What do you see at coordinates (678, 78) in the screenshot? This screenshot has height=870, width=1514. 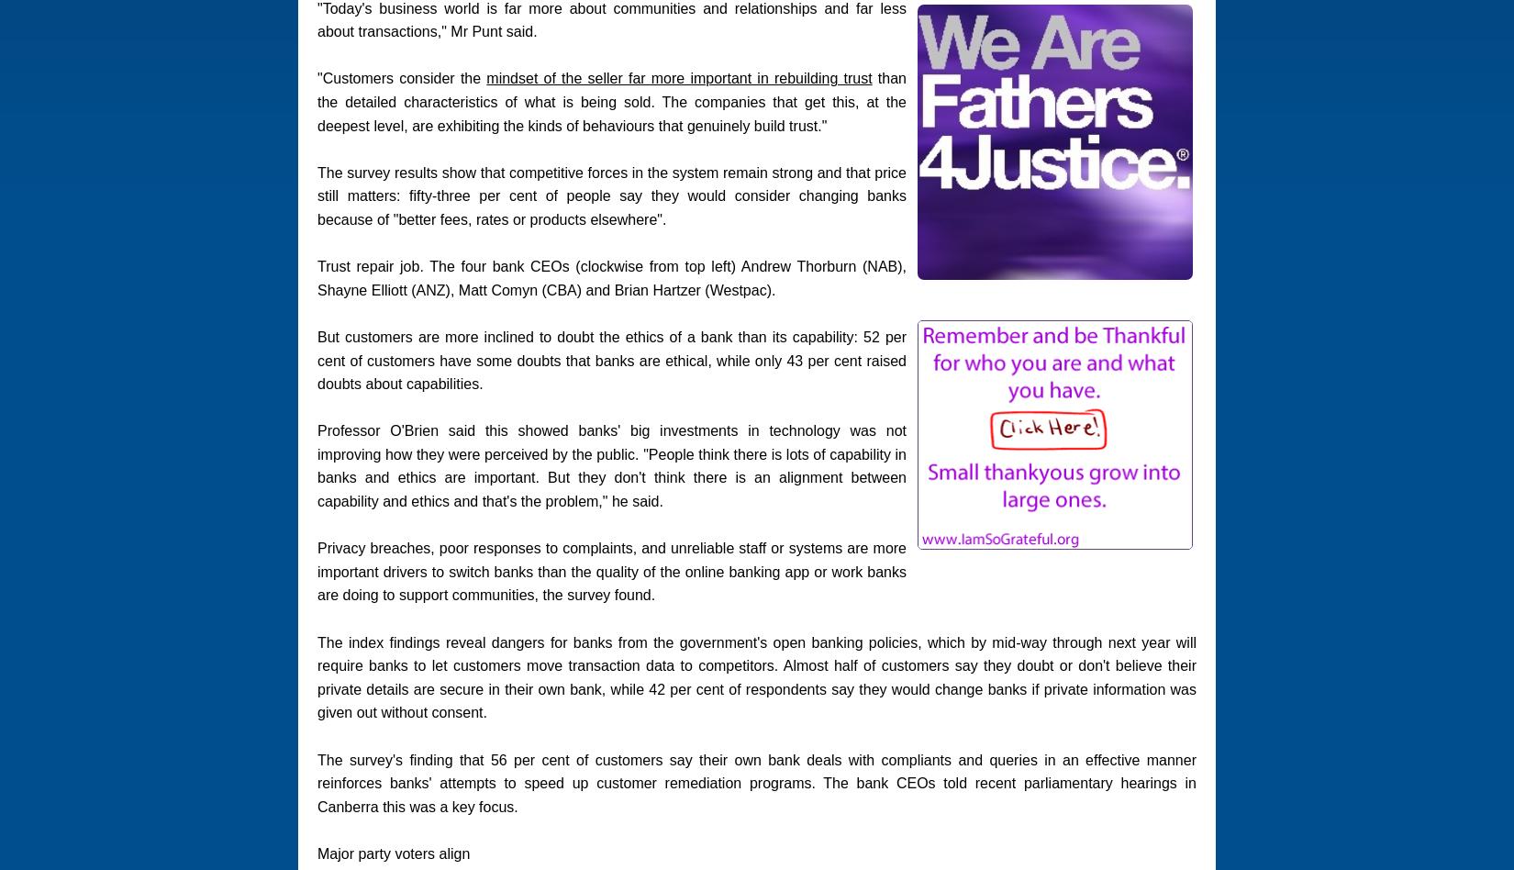 I see `'mindset of the seller far more important in rebuilding trust'` at bounding box center [678, 78].